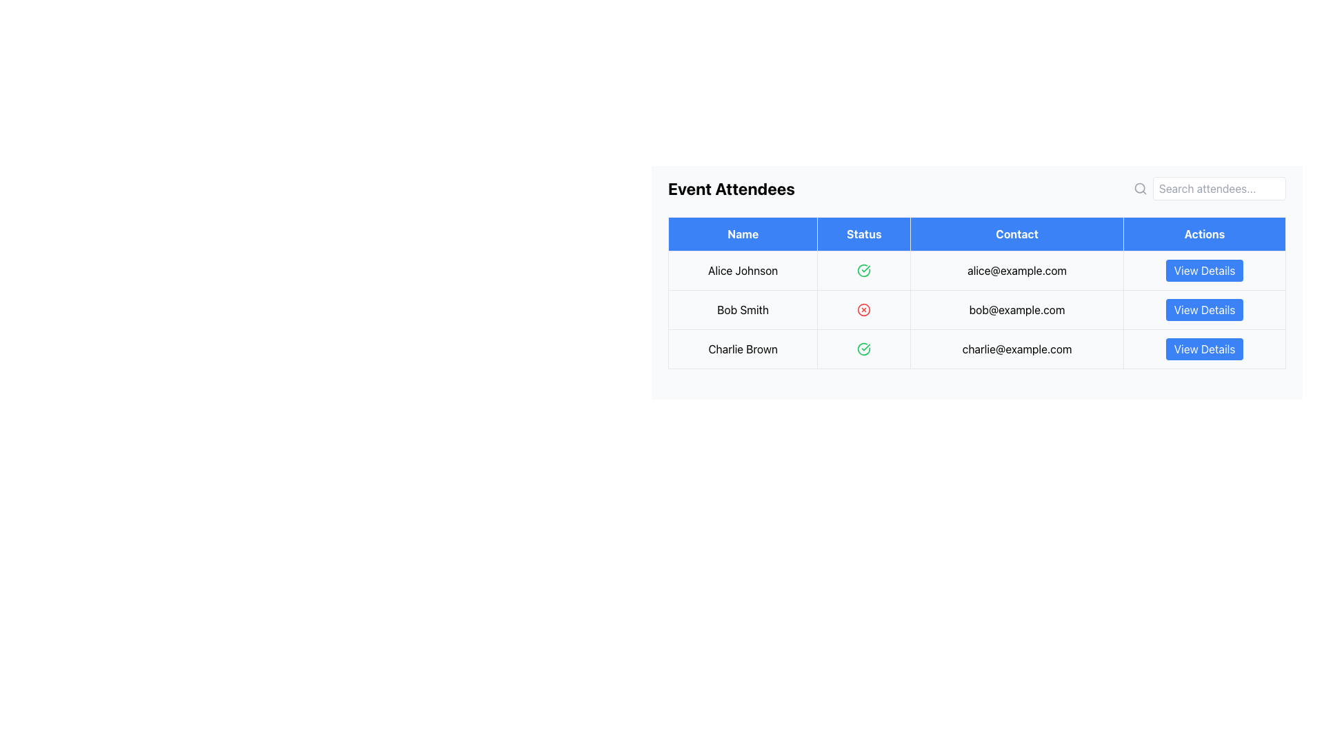 This screenshot has height=744, width=1324. I want to click on the status indication icon for 'Bob Smith' located in the second row under the 'Status' column of the 'Event Attendees' table, so click(863, 310).